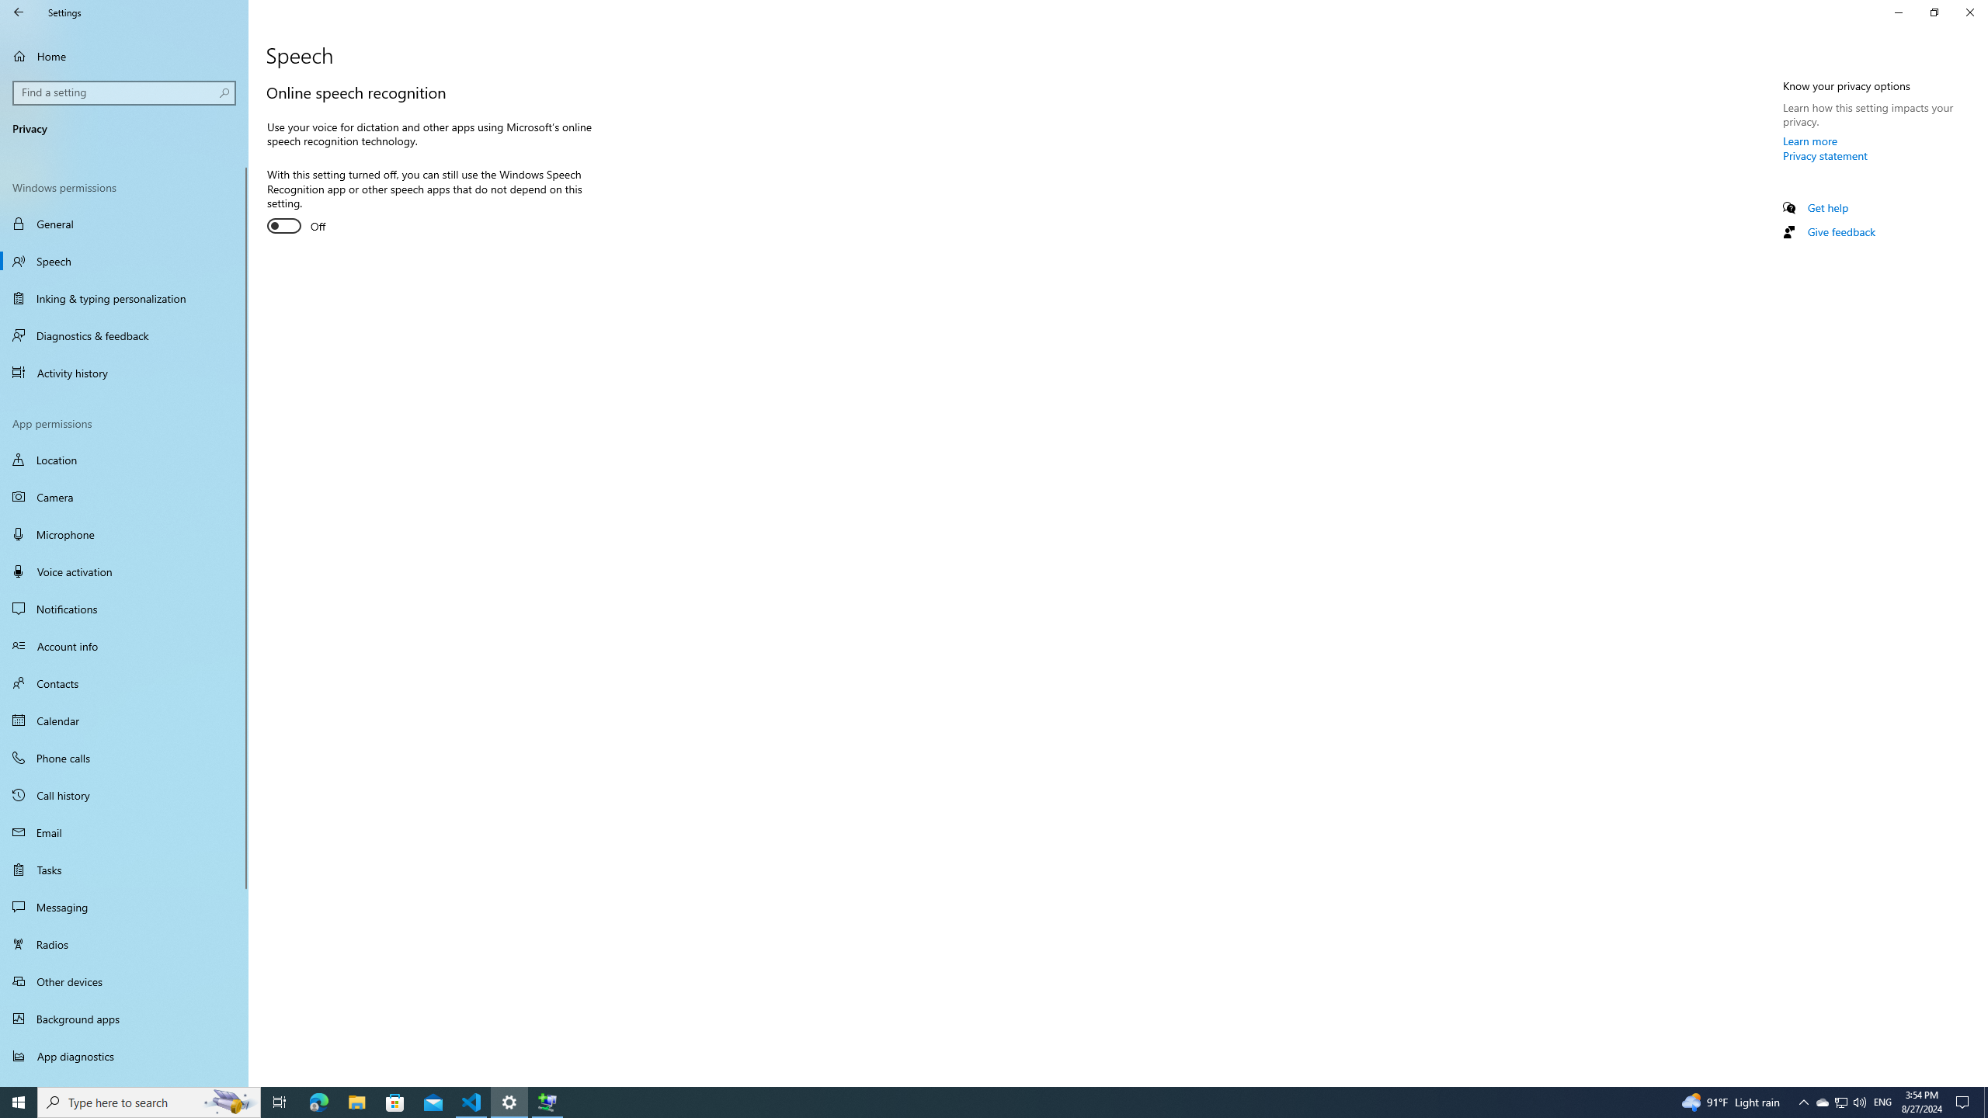 This screenshot has width=1988, height=1118. I want to click on 'General', so click(123, 223).